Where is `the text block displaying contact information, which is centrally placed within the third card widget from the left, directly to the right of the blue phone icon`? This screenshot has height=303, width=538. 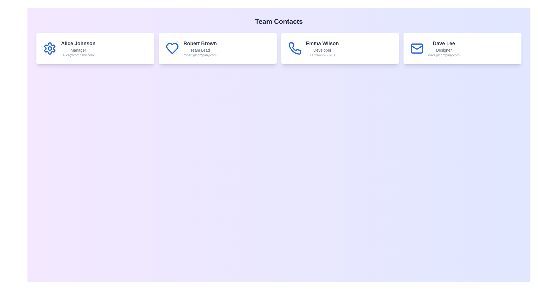
the text block displaying contact information, which is centrally placed within the third card widget from the left, directly to the right of the blue phone icon is located at coordinates (322, 48).